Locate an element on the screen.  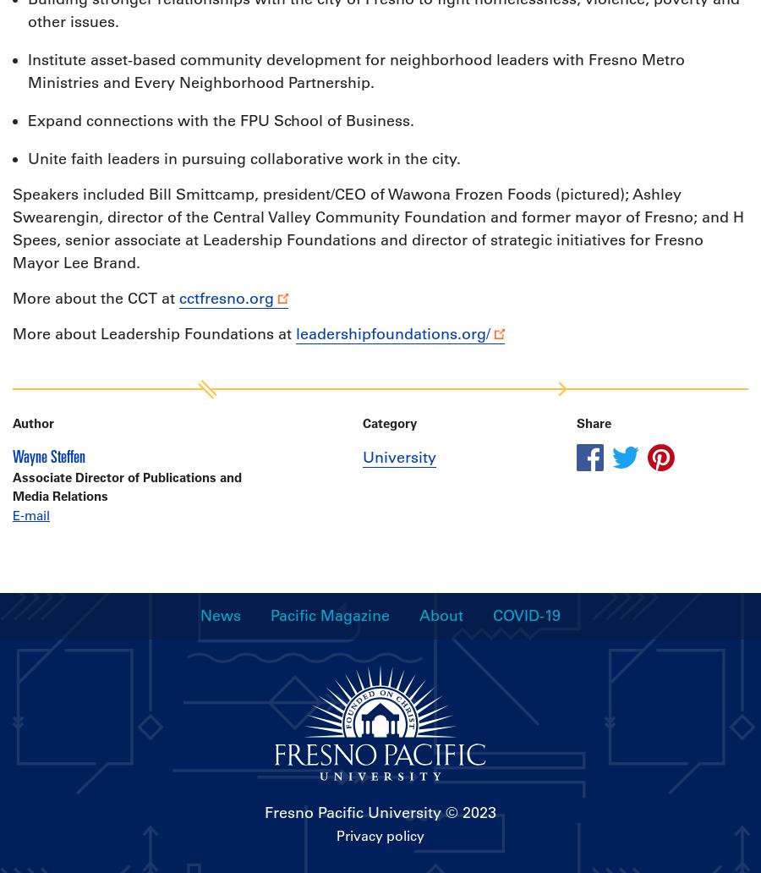
'Pacific Magazine' is located at coordinates (330, 614).